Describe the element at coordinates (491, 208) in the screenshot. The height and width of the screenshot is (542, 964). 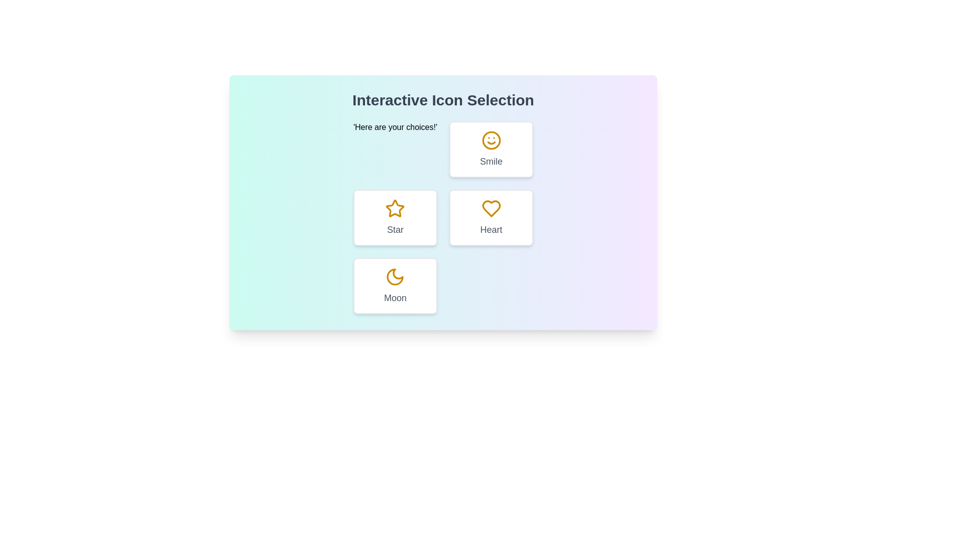
I see `the heart-shaped icon with an orange stroke located in the second column of the second row of selectable icons` at that location.